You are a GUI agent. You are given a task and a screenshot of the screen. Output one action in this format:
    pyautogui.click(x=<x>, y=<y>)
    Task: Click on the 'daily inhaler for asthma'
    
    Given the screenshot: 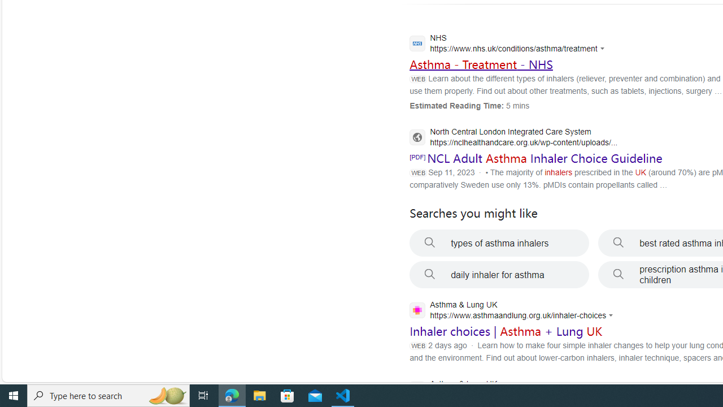 What is the action you would take?
    pyautogui.click(x=499, y=275)
    